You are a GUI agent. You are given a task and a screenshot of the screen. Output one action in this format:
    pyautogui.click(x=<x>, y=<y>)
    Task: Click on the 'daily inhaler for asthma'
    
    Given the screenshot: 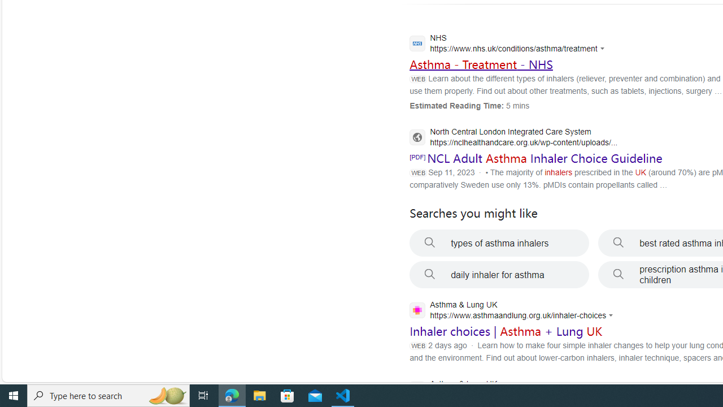 What is the action you would take?
    pyautogui.click(x=499, y=275)
    